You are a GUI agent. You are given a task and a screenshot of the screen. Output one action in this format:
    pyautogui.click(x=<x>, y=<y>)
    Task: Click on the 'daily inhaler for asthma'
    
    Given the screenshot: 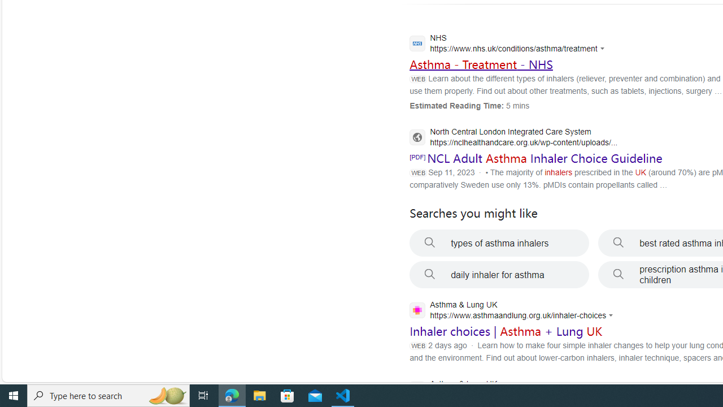 What is the action you would take?
    pyautogui.click(x=499, y=275)
    